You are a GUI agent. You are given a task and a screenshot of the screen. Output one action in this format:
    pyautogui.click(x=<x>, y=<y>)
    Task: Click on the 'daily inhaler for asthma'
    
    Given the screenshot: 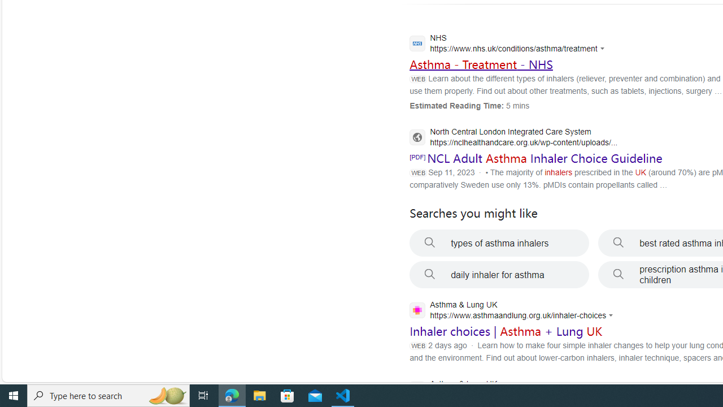 What is the action you would take?
    pyautogui.click(x=499, y=275)
    